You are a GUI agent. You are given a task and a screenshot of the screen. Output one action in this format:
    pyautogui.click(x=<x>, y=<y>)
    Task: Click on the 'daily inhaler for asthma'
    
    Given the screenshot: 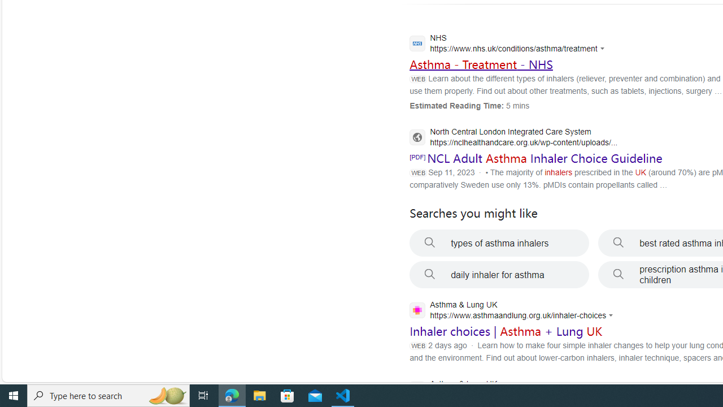 What is the action you would take?
    pyautogui.click(x=499, y=275)
    